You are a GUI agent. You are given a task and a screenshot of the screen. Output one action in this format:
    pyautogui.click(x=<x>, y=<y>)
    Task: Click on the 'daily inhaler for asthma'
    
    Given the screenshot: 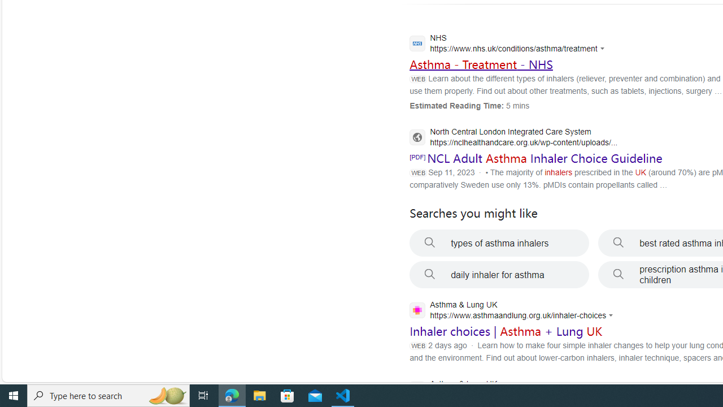 What is the action you would take?
    pyautogui.click(x=499, y=275)
    